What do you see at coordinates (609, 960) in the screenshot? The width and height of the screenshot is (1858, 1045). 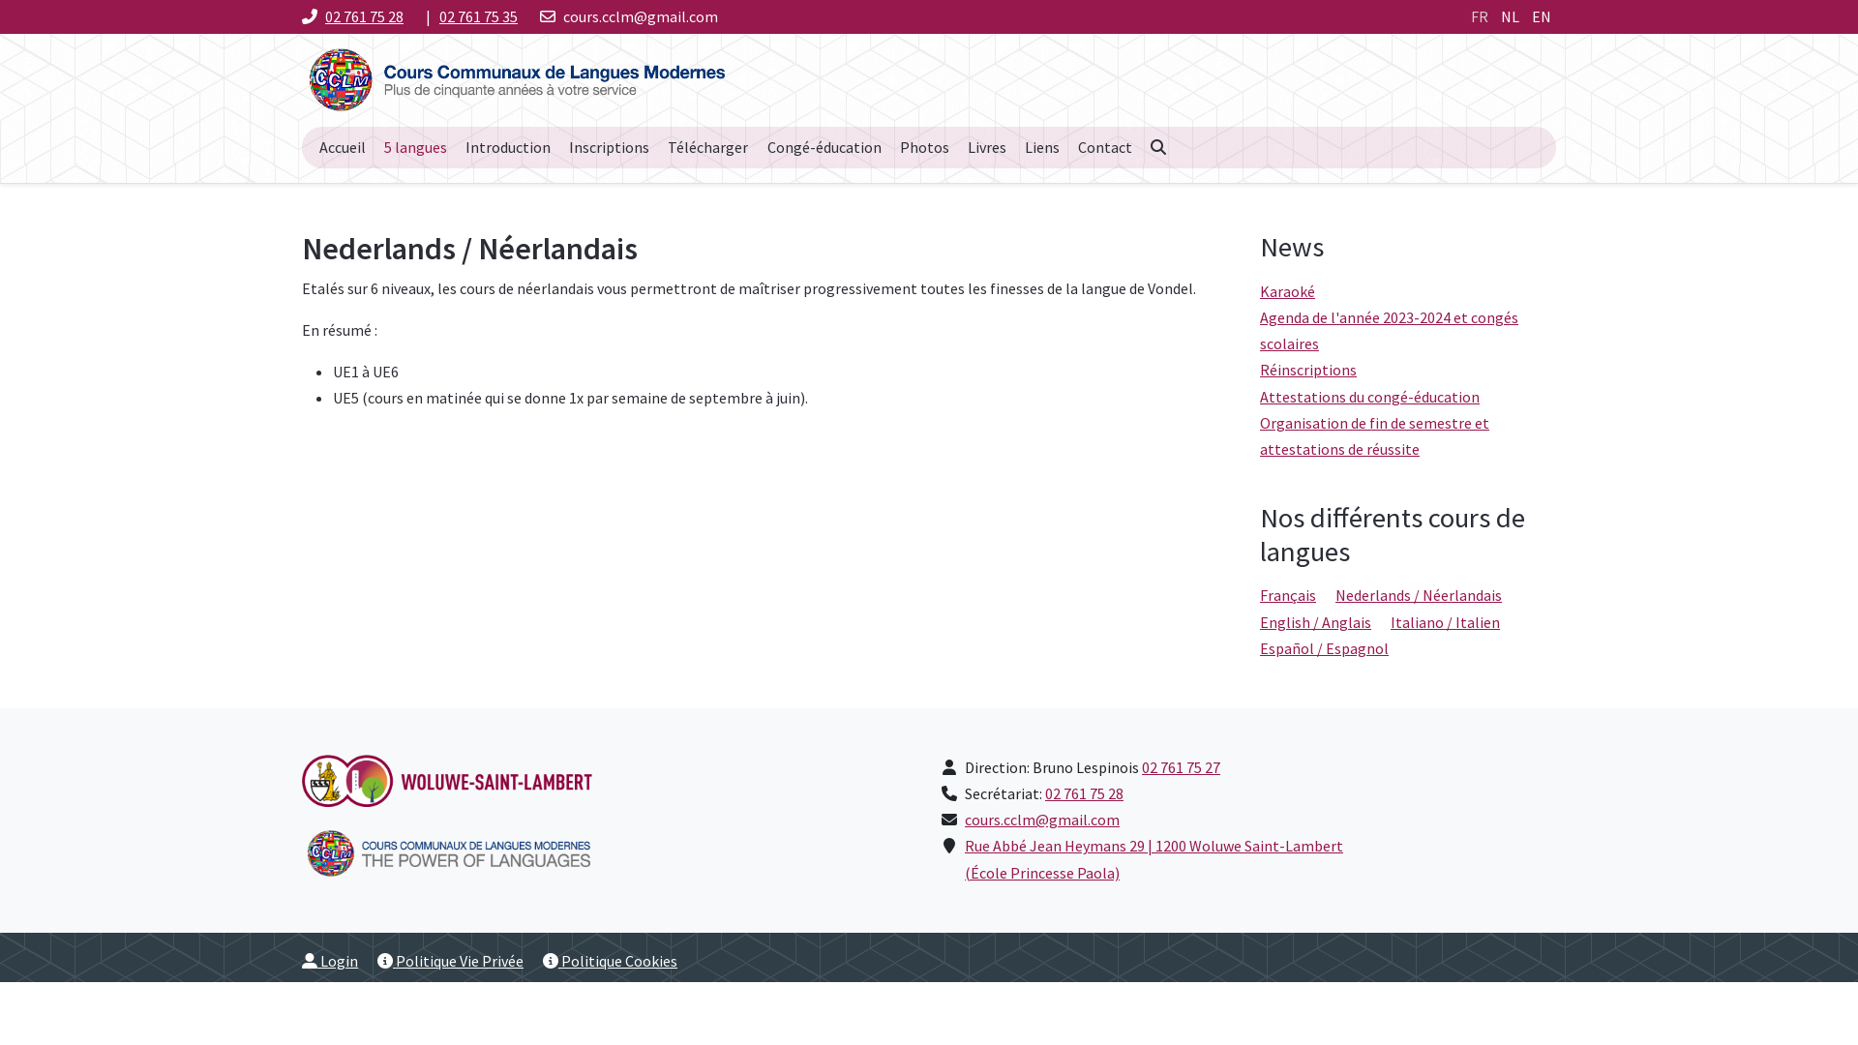 I see `'Politique Cookies'` at bounding box center [609, 960].